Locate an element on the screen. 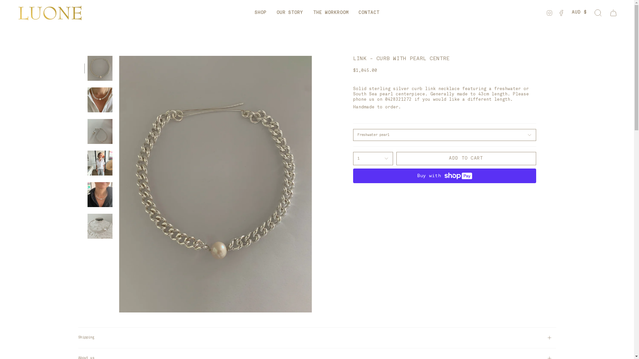 The image size is (639, 359). 'OUR STORY' is located at coordinates (290, 13).